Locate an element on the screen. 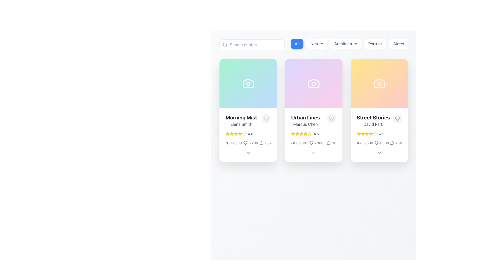 Image resolution: width=490 pixels, height=275 pixels. the primary title and author text block in the third card of a row of three cards is located at coordinates (373, 121).